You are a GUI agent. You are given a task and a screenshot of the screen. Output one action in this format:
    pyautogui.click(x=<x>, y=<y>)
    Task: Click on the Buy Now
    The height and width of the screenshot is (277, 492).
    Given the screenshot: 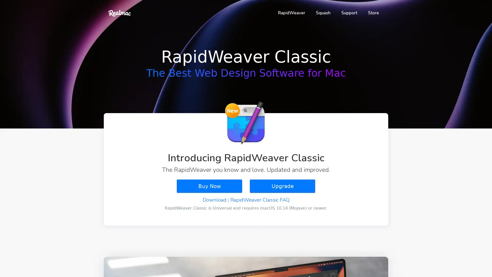 What is the action you would take?
    pyautogui.click(x=209, y=186)
    